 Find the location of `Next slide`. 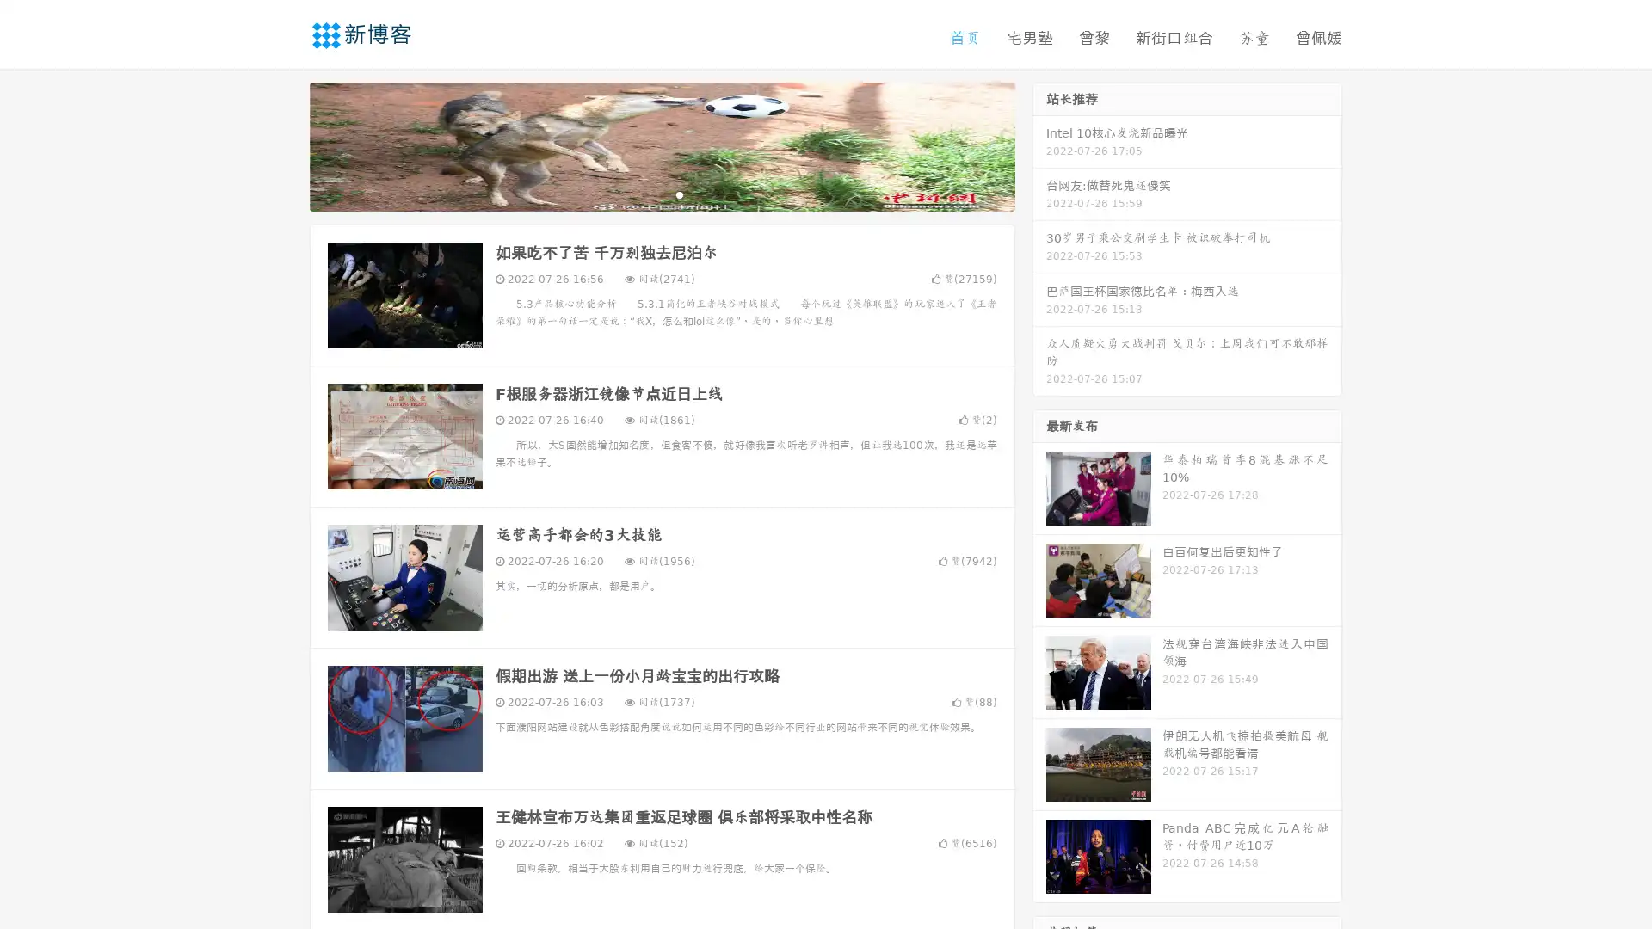

Next slide is located at coordinates (1039, 145).